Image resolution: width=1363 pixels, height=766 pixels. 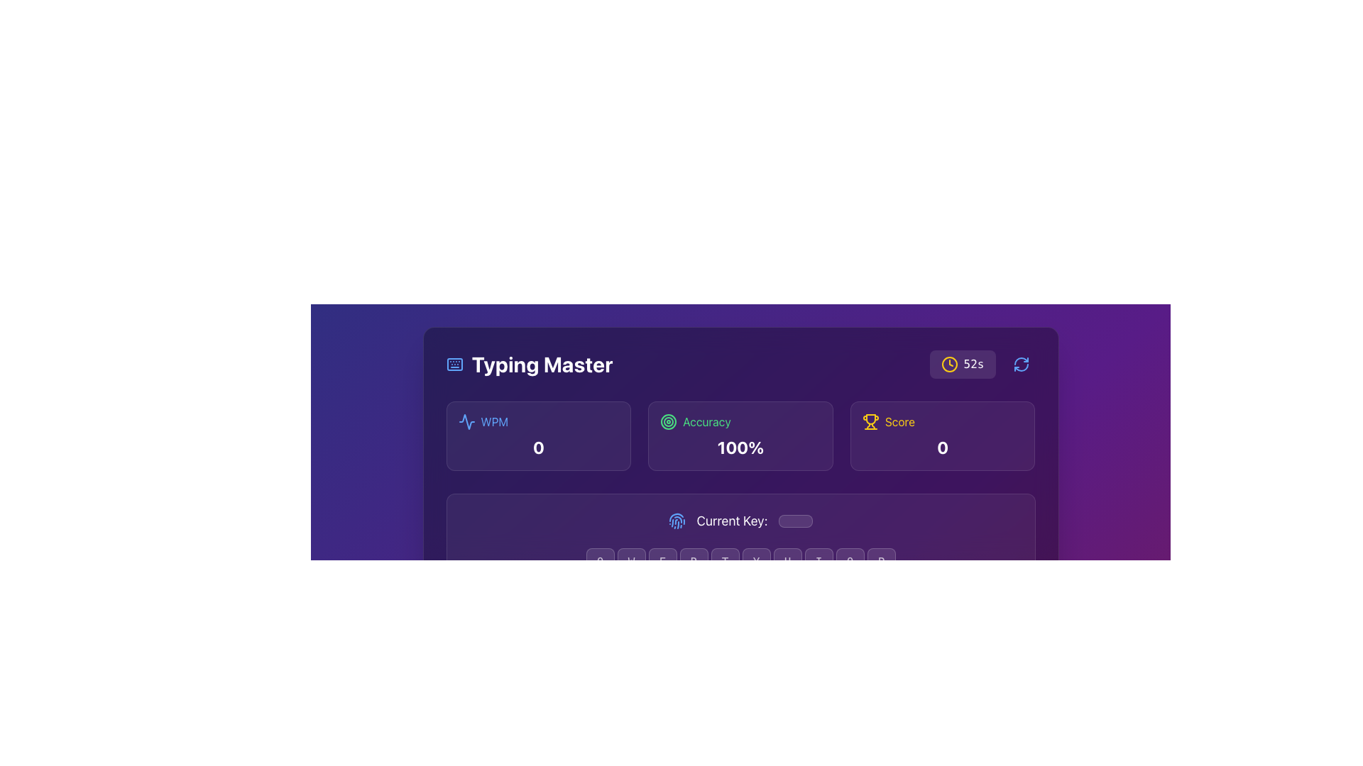 What do you see at coordinates (755, 562) in the screenshot?
I see `the Key button with the letter 'Y', which is the middle button of the top row positioned between the 'T' and 'U' keys` at bounding box center [755, 562].